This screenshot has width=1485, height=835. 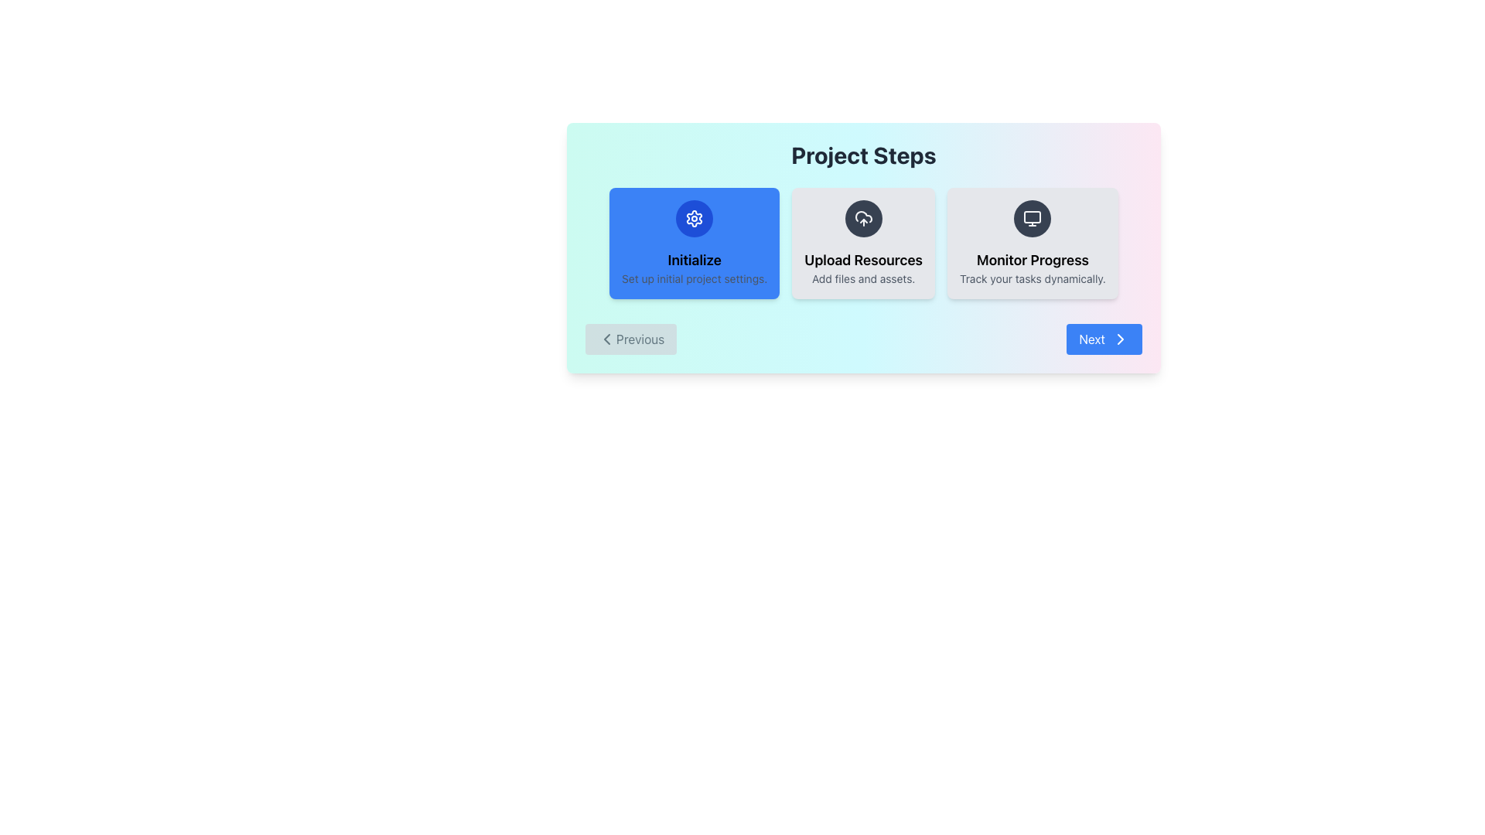 What do you see at coordinates (862, 268) in the screenshot?
I see `text block labeled 'Upload Resources' that contains instructions to 'Add files and assets.' This text block is the second in a series of three sections in the 'Project Steps' interface` at bounding box center [862, 268].